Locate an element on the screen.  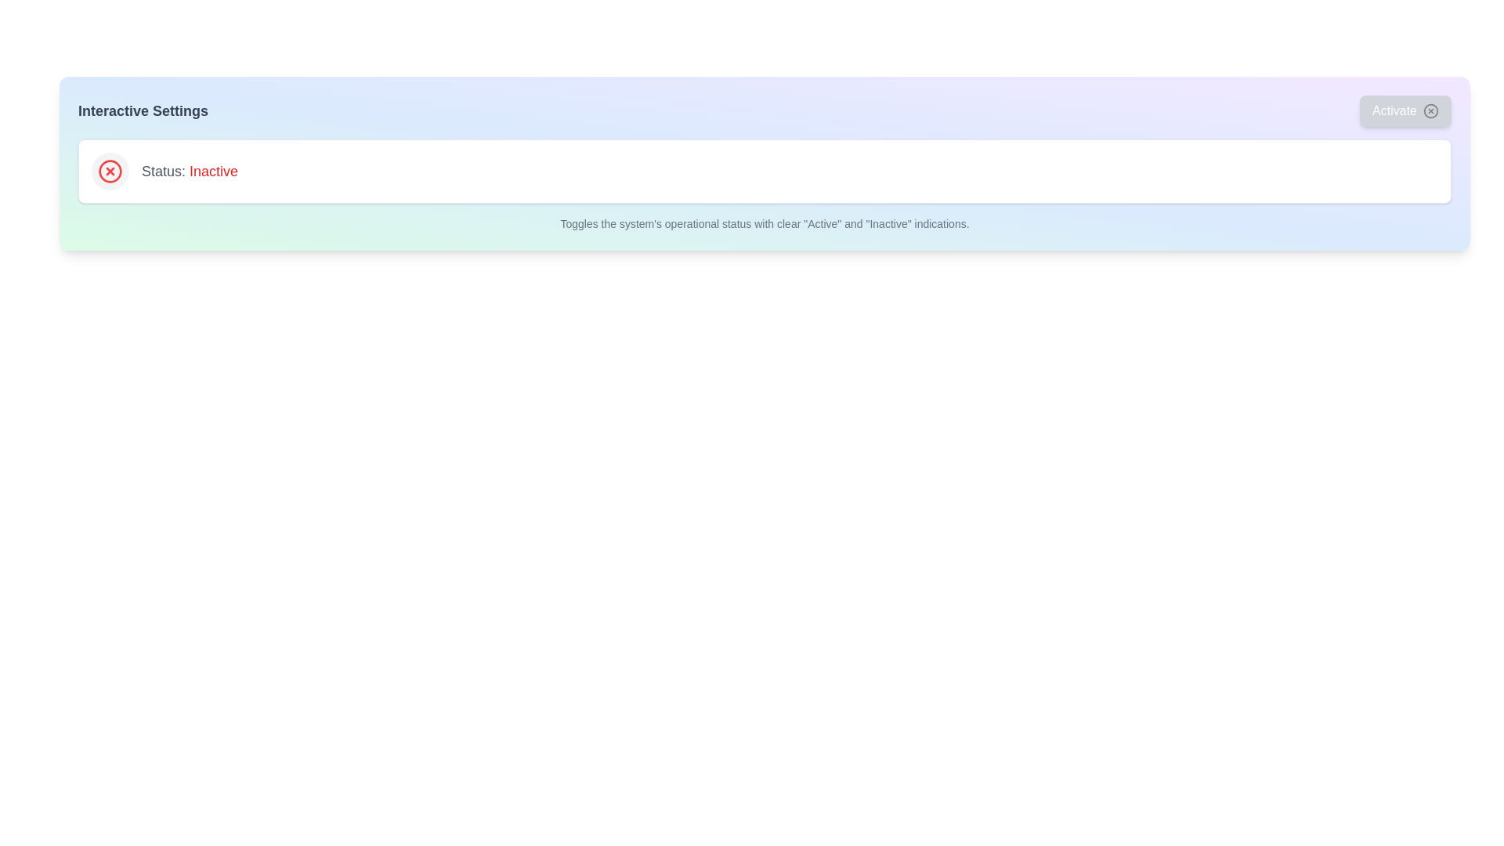
text displayed in the text component that shows 'Status: Inactive', where 'Inactive' is styled in red is located at coordinates (189, 172).